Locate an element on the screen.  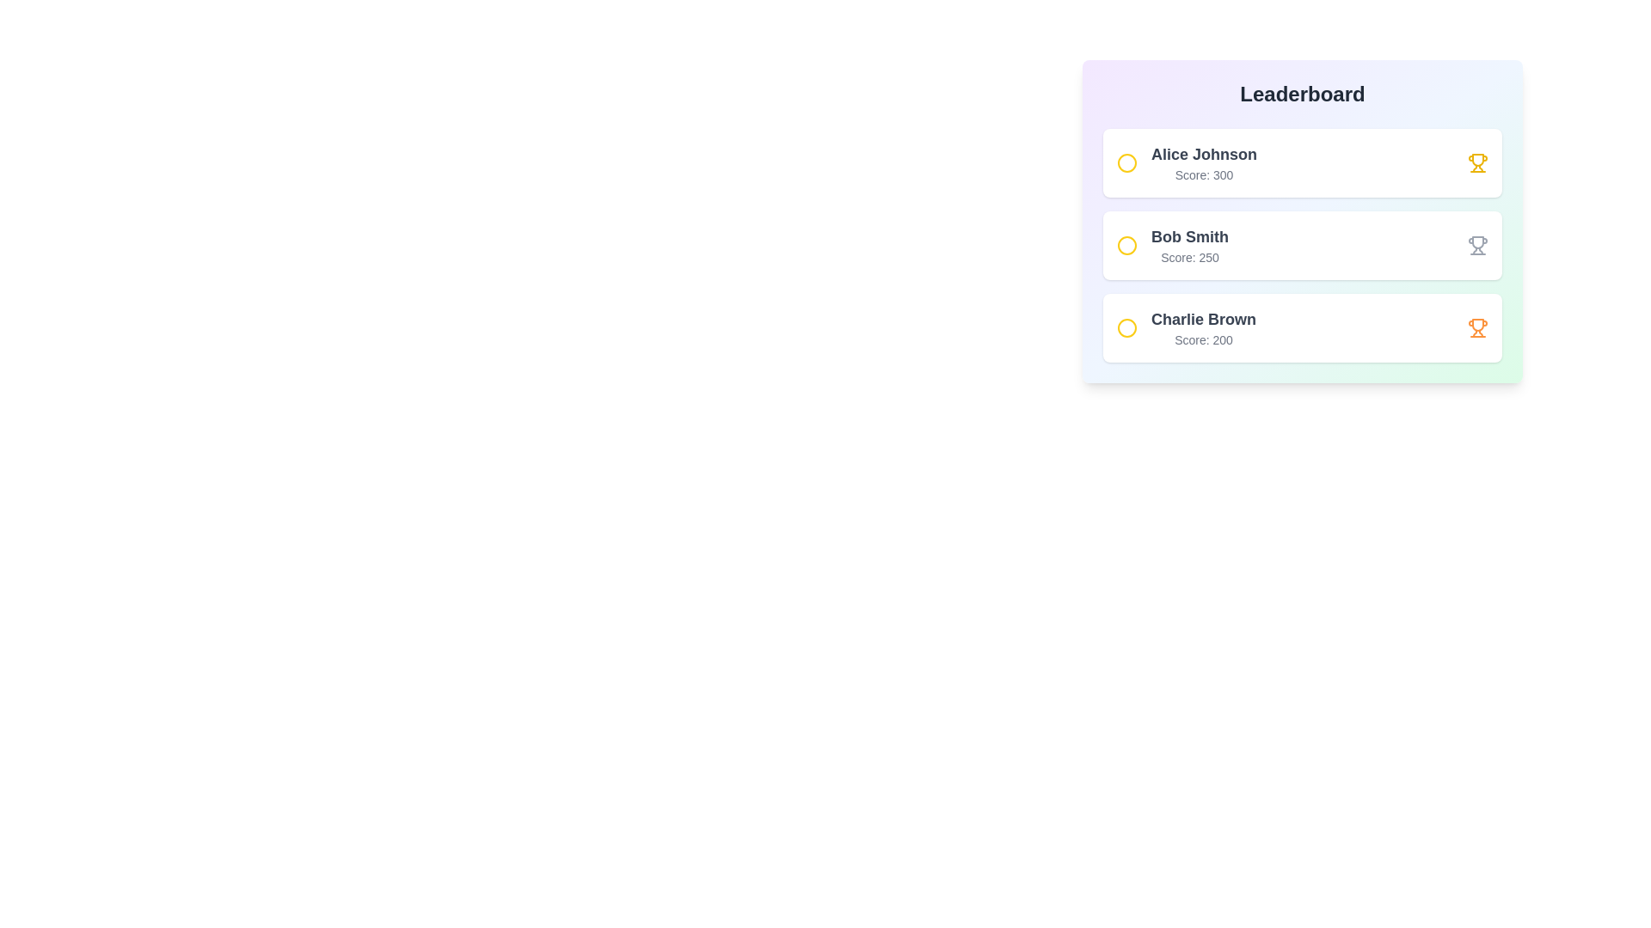
the user card of Alice Johnson is located at coordinates (1303, 162).